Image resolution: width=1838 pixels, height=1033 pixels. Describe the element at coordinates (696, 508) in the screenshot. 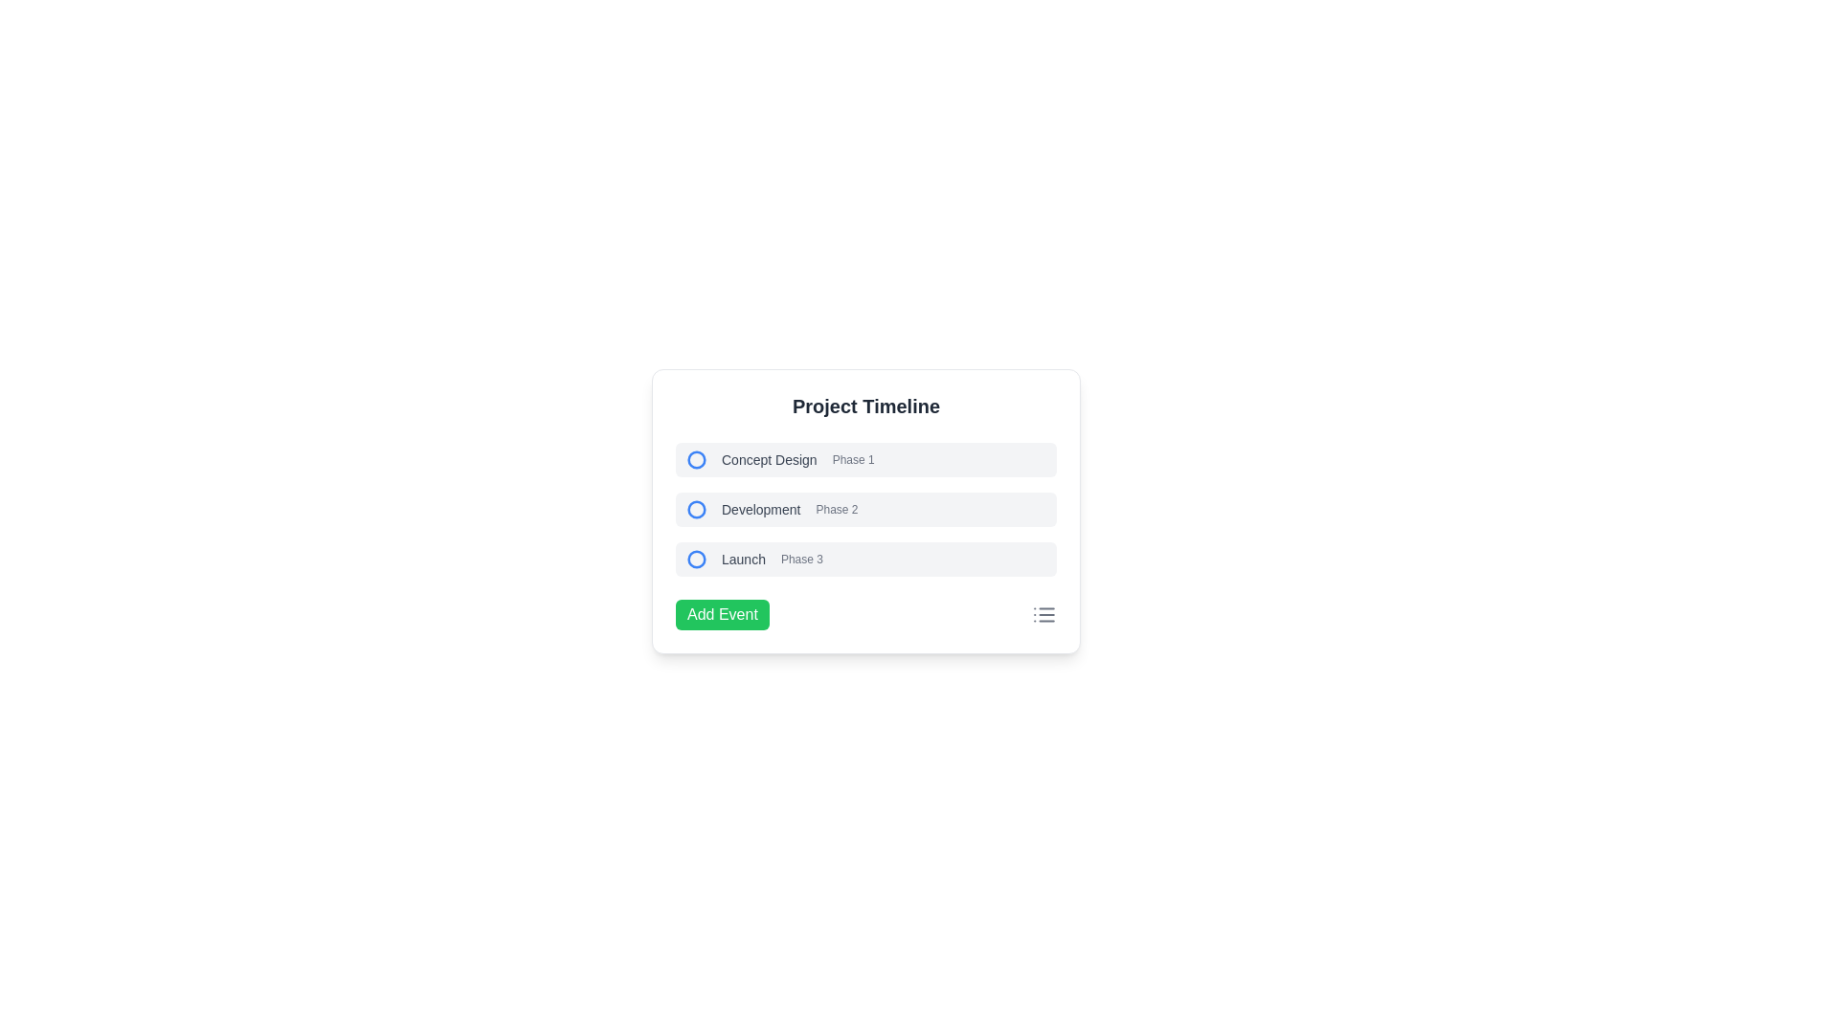

I see `the circular icon with a blue outline and white fill located in the second row under 'Project Timeline', to the left of 'Development Phase 2'` at that location.